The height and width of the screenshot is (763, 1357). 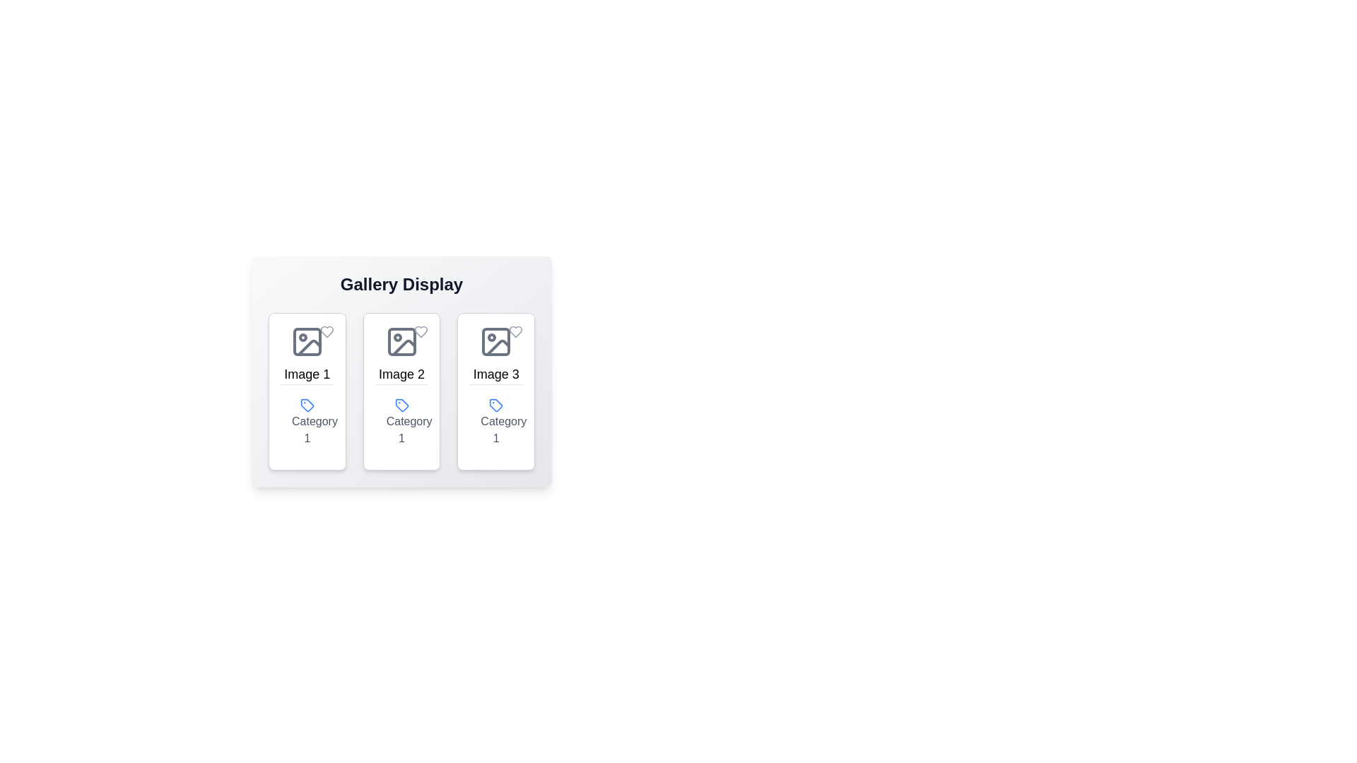 I want to click on the image placeholder icon representing 'Image 3' in the gallery display area, so click(x=496, y=341).